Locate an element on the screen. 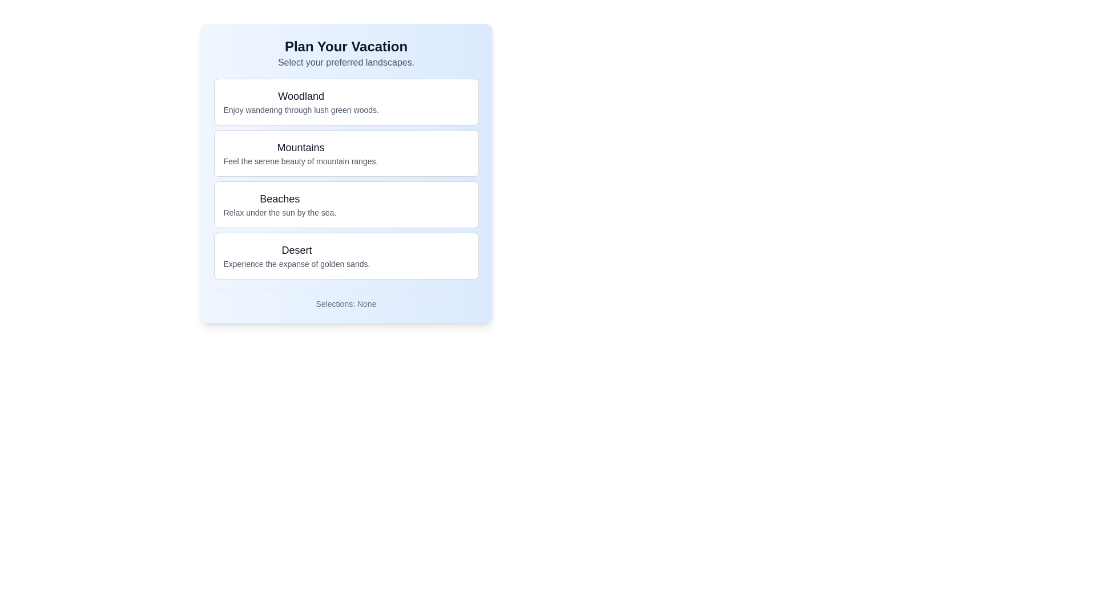  the 'Mountains' card in the 'Plan Your Vacation' interface is located at coordinates (300, 153).